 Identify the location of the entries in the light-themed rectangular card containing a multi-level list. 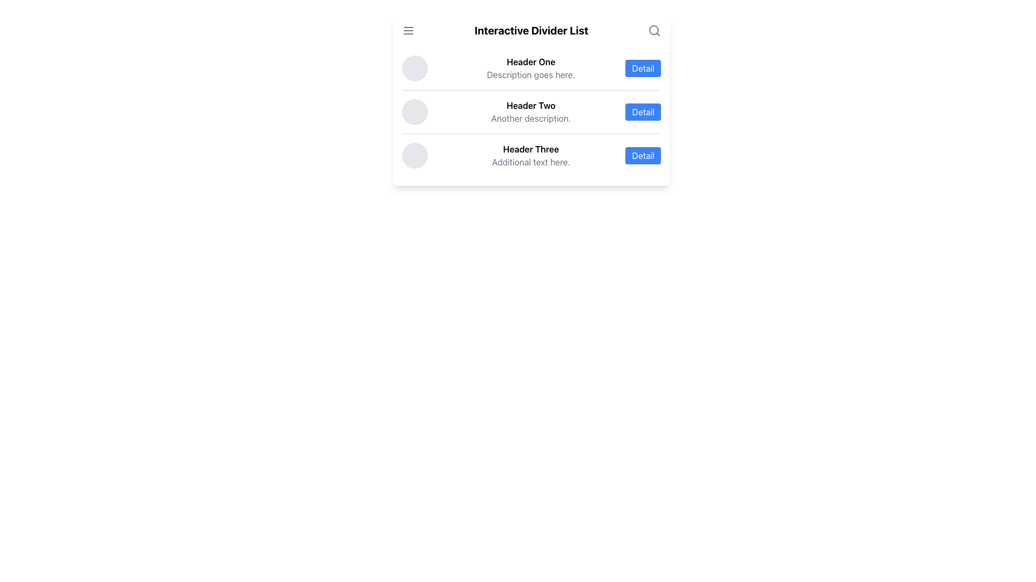
(531, 100).